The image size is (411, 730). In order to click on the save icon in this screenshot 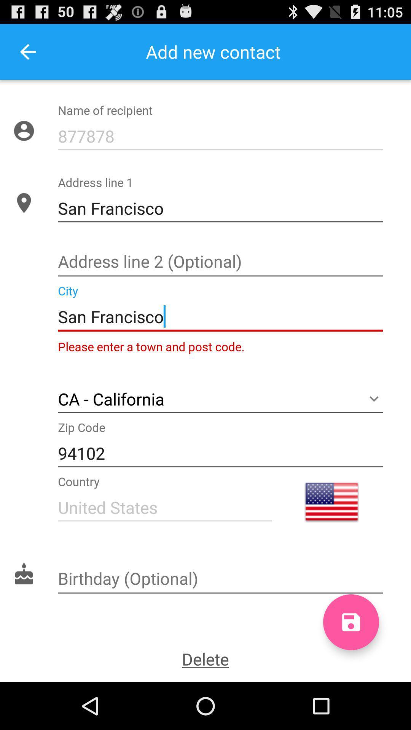, I will do `click(351, 665)`.